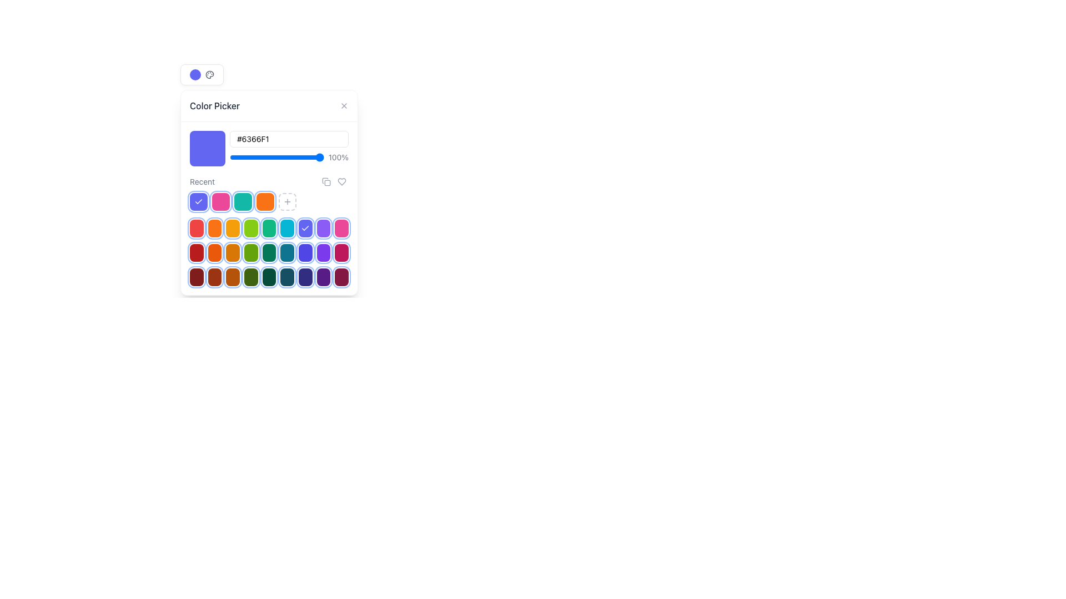 This screenshot has width=1066, height=599. I want to click on the button in the third column of the third row in the color selection grid of the 'Color Picker' application, so click(232, 252).